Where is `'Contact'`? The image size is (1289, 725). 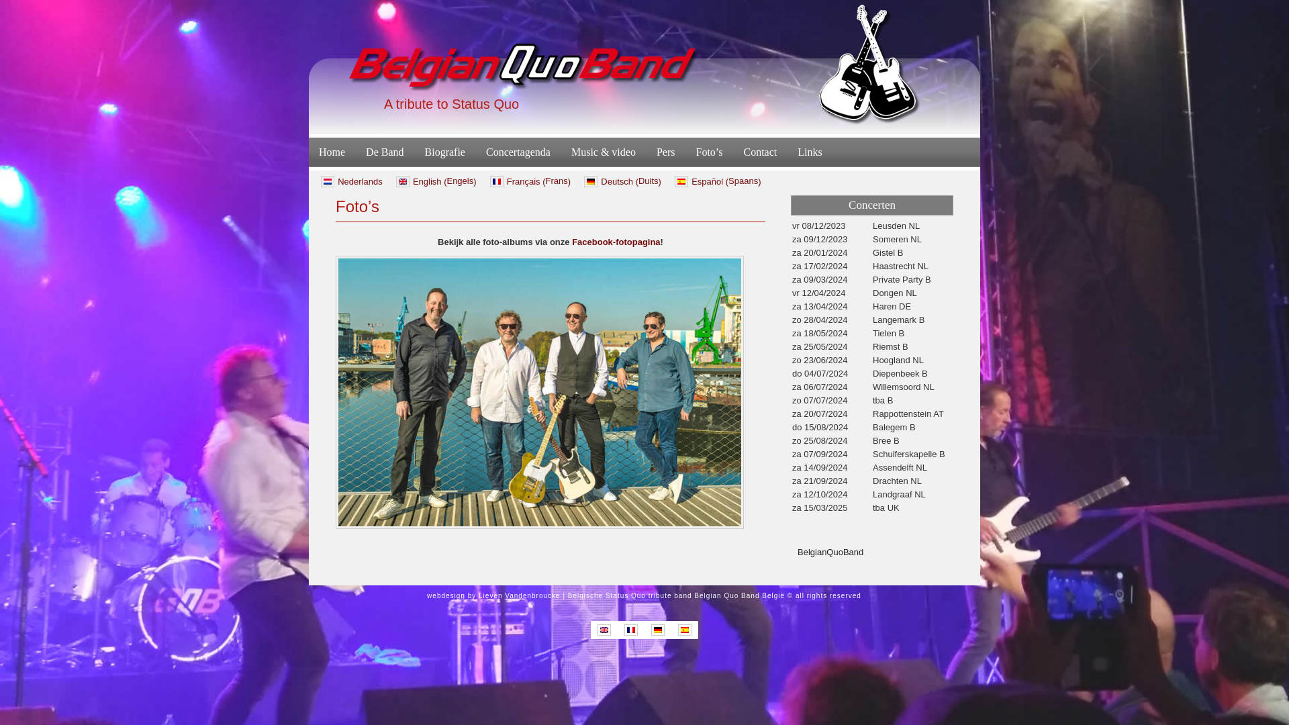
'Contact' is located at coordinates (732, 152).